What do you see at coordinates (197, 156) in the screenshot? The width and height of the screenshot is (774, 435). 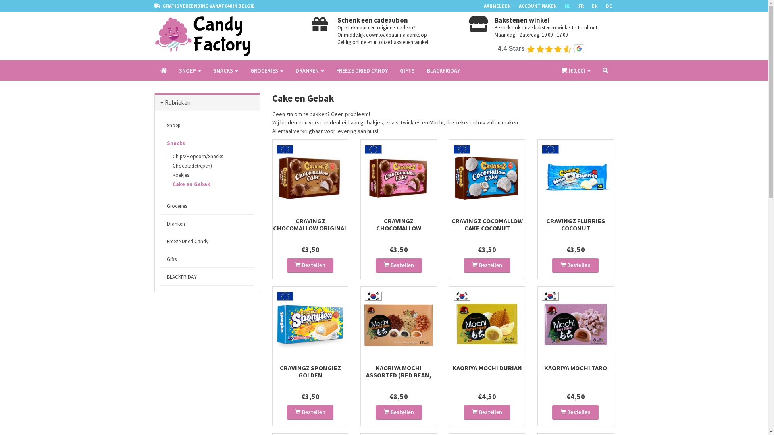 I see `'Chips/Popcorn/Snacks'` at bounding box center [197, 156].